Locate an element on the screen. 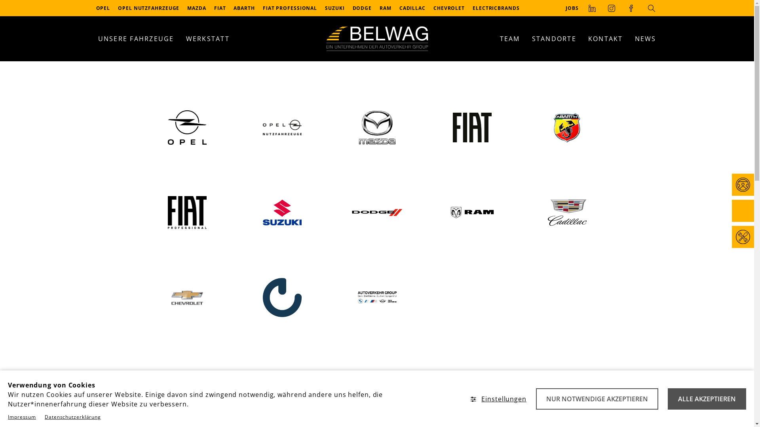  'OPEL' is located at coordinates (102, 8).